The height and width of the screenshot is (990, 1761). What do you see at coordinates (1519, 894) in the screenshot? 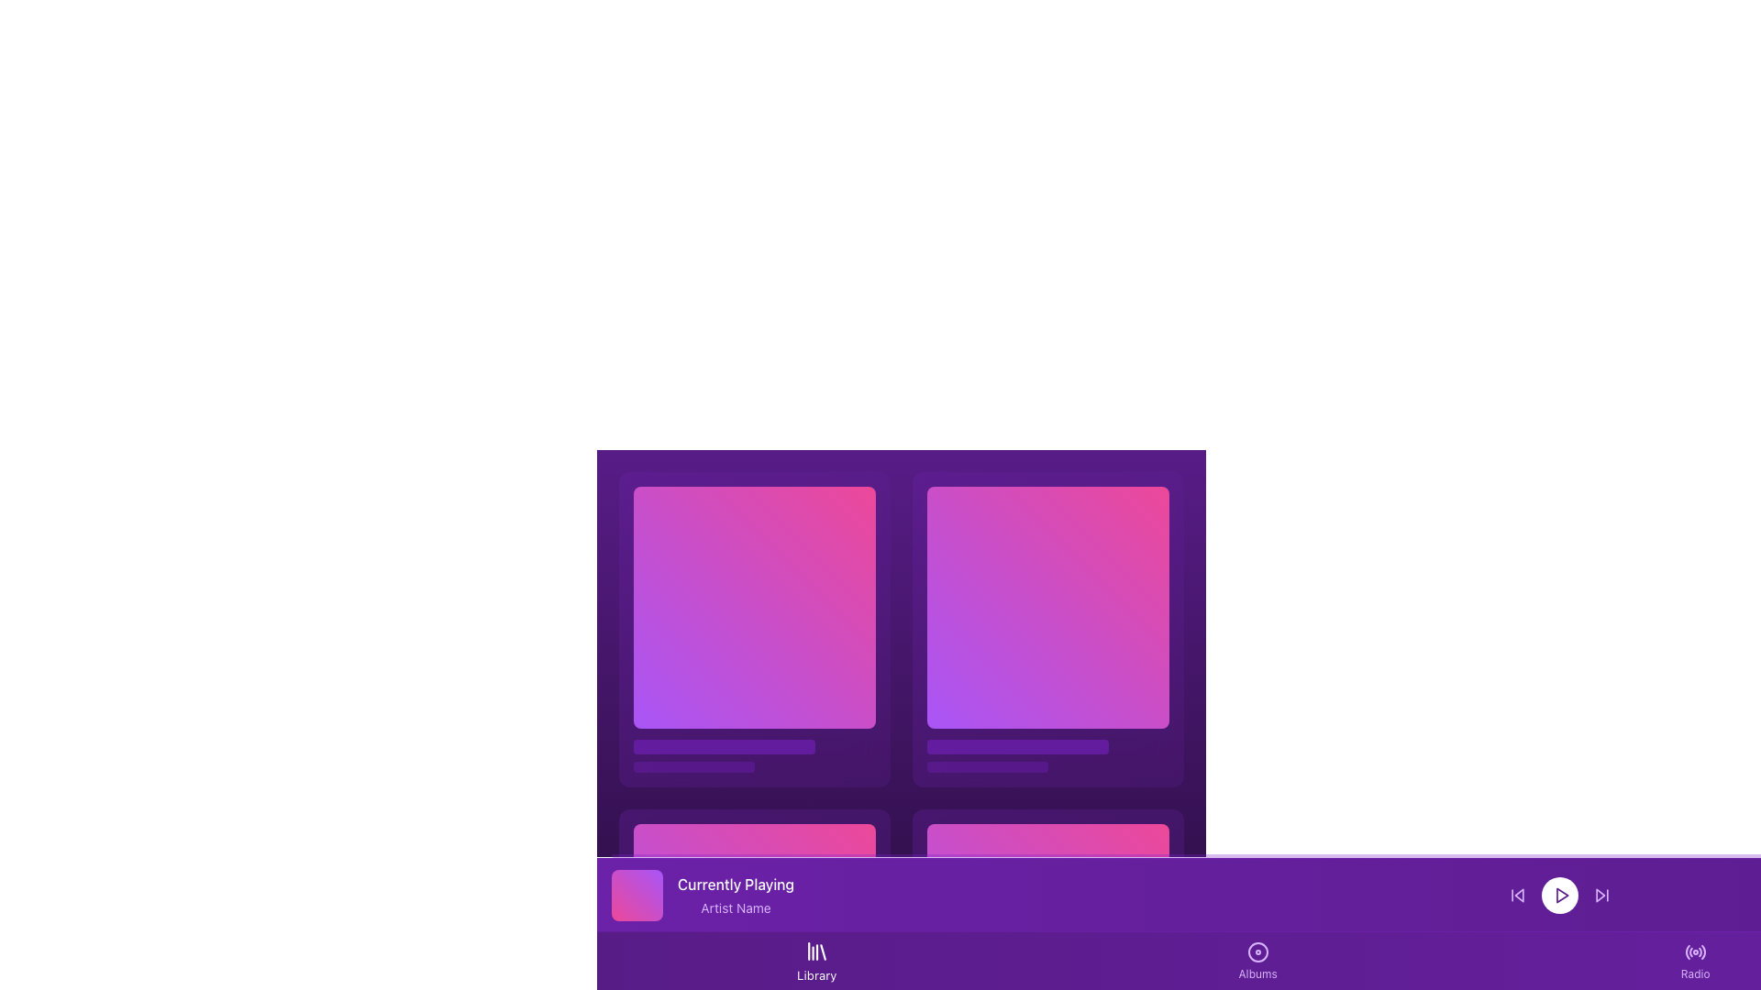
I see `the triangular arrow pointing to the left, which resembles a skip-backward icon located in the lower control bar, to the left of the circular play button` at bounding box center [1519, 894].